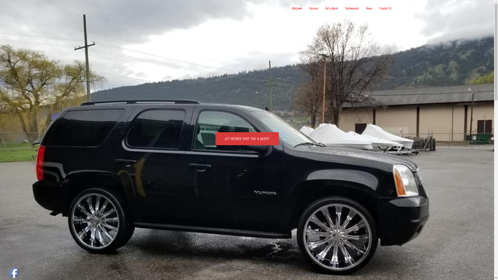 The height and width of the screenshot is (280, 498). What do you see at coordinates (325, 9) in the screenshot?
I see `'Get a Quote'` at bounding box center [325, 9].